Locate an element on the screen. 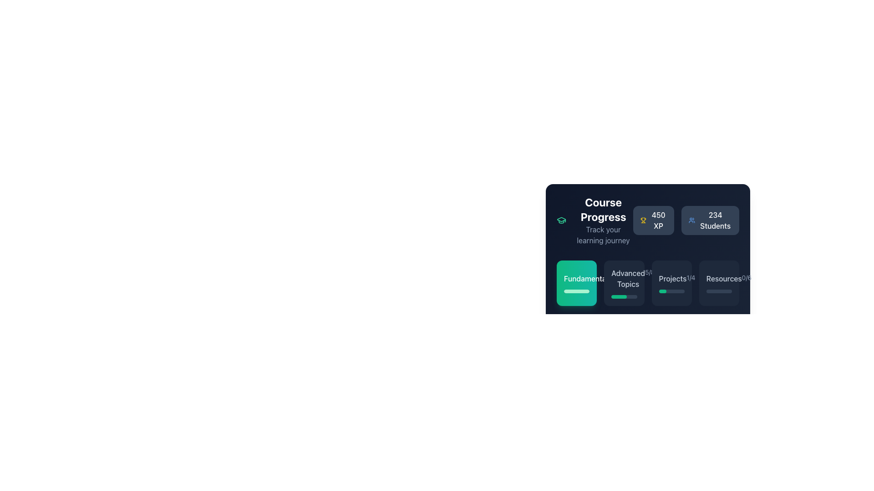 Image resolution: width=874 pixels, height=491 pixels. the text label displaying '0/6', which is slate-gray and positioned to the right of the 'Resources' label, indicating a numerical progress indicator is located at coordinates (747, 277).